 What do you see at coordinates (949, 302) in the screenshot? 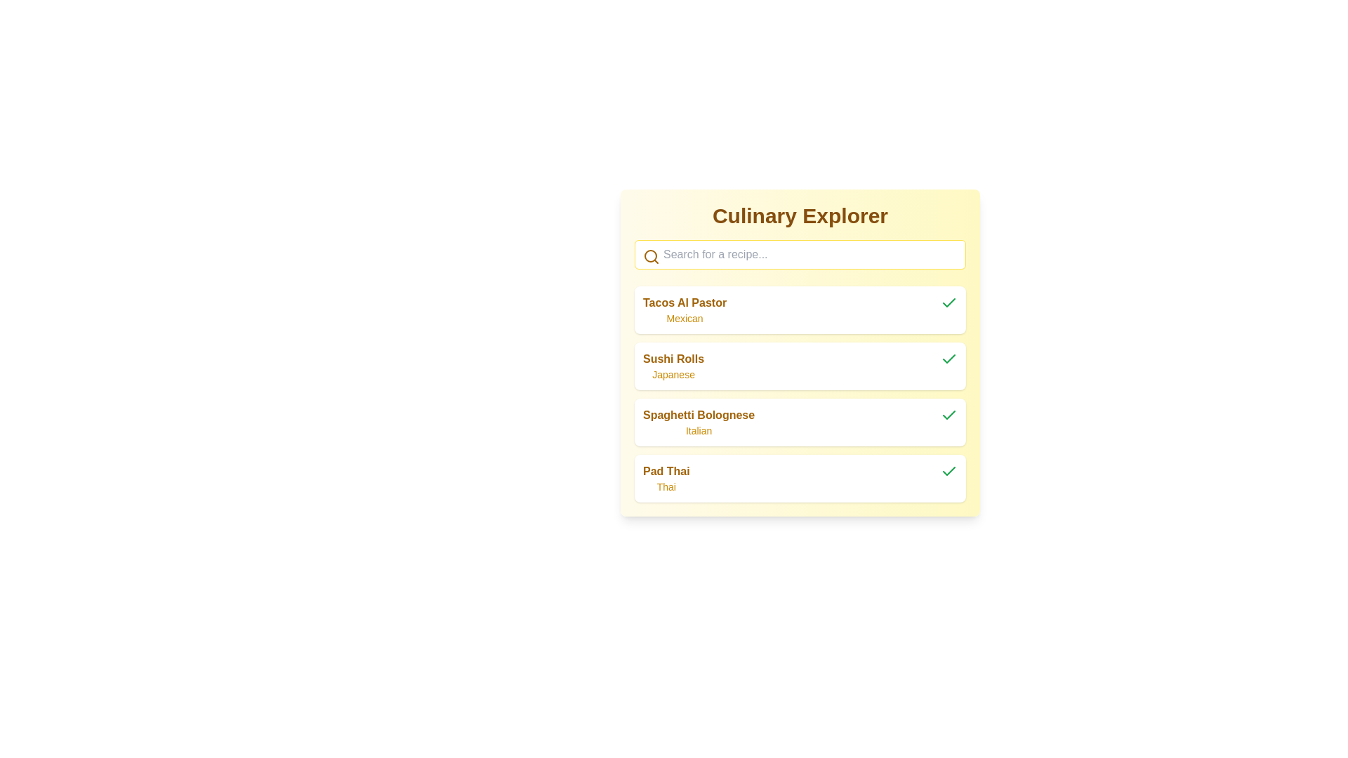
I see `the status indicator icon for 'Tacos Al Pastor' located in the upper right corner of its card to initiate potential interactions` at bounding box center [949, 302].